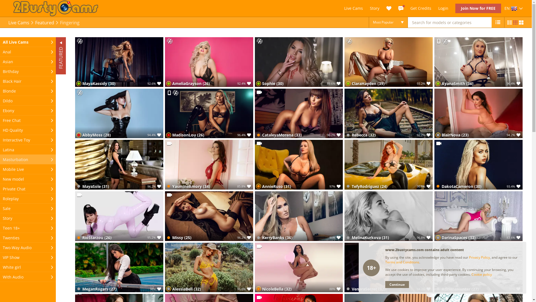 This screenshot has height=302, width=536. I want to click on 'With Audio', so click(28, 277).